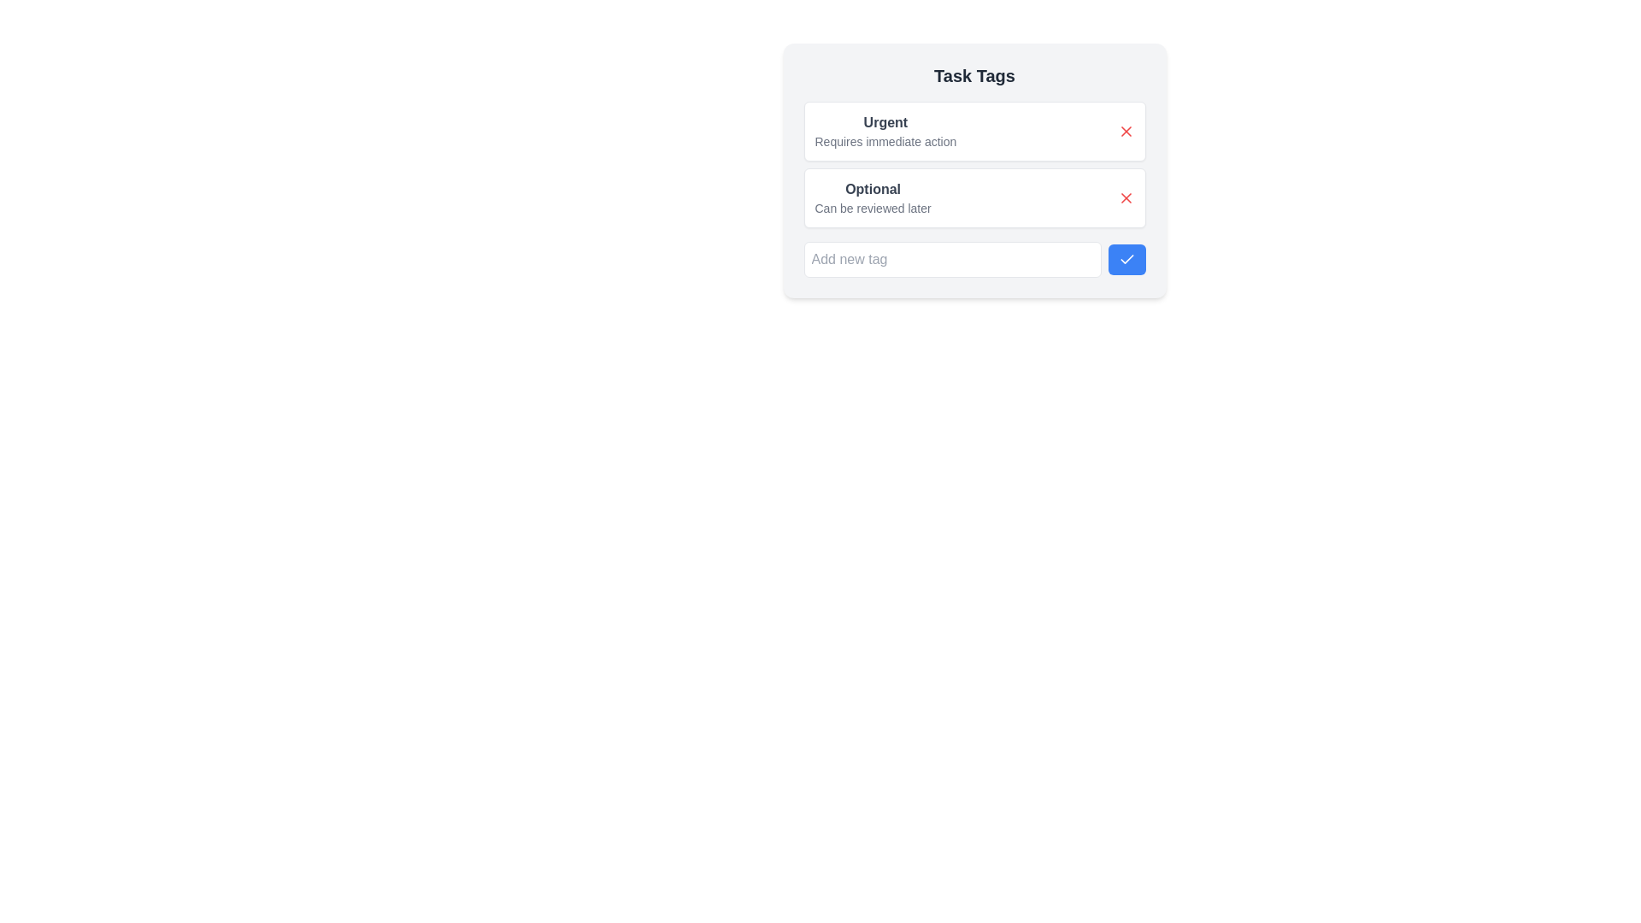 This screenshot has height=923, width=1641. What do you see at coordinates (885, 121) in the screenshot?
I see `the bold-text label reading 'Urgent' styled in dark gray color, which is located at the top of the task tags list within the white card labeled 'Task Tags'` at bounding box center [885, 121].